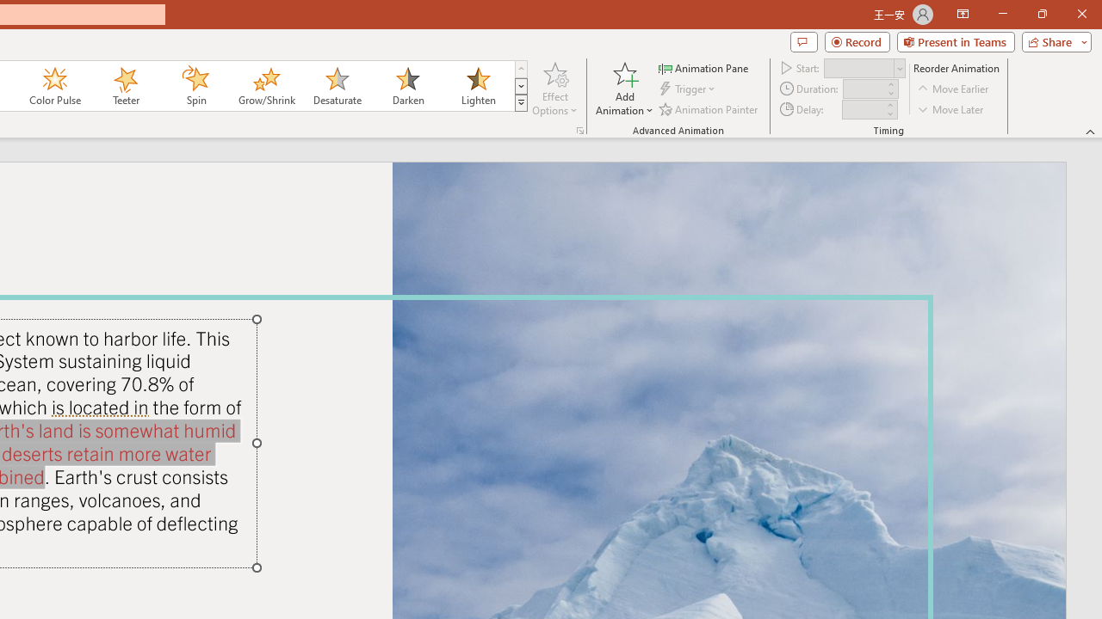 This screenshot has height=619, width=1102. What do you see at coordinates (520, 86) in the screenshot?
I see `'Row Down'` at bounding box center [520, 86].